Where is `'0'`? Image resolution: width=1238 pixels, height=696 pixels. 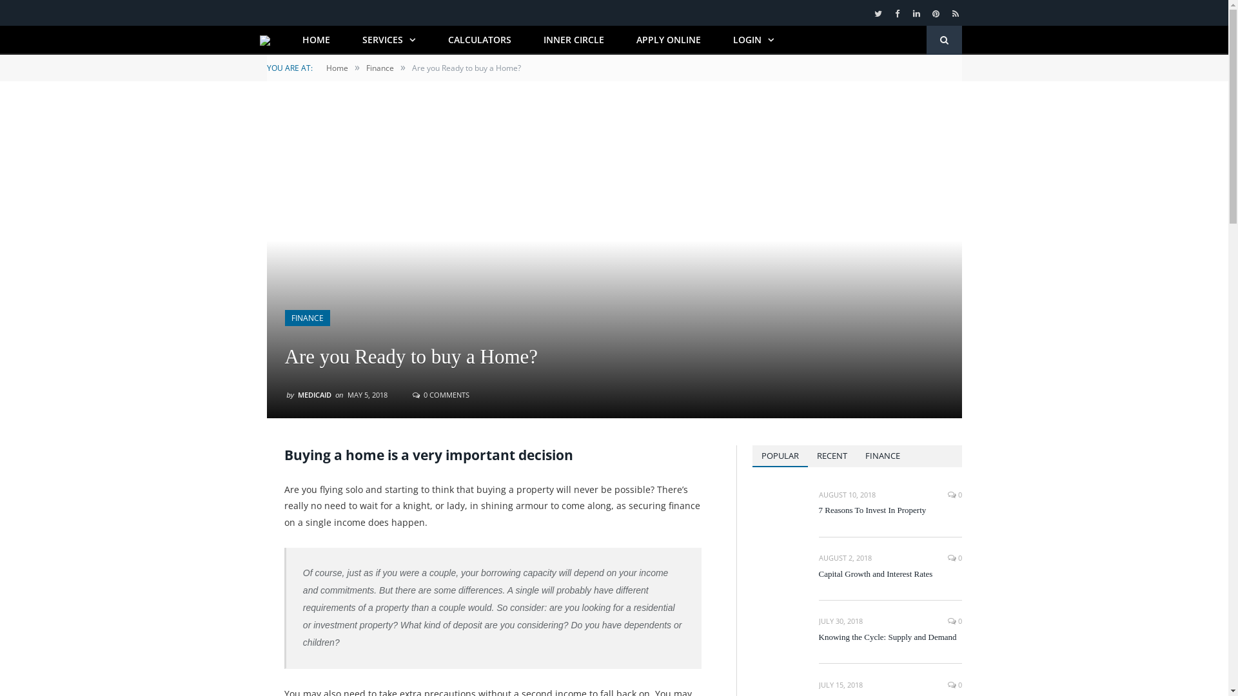 '0' is located at coordinates (955, 684).